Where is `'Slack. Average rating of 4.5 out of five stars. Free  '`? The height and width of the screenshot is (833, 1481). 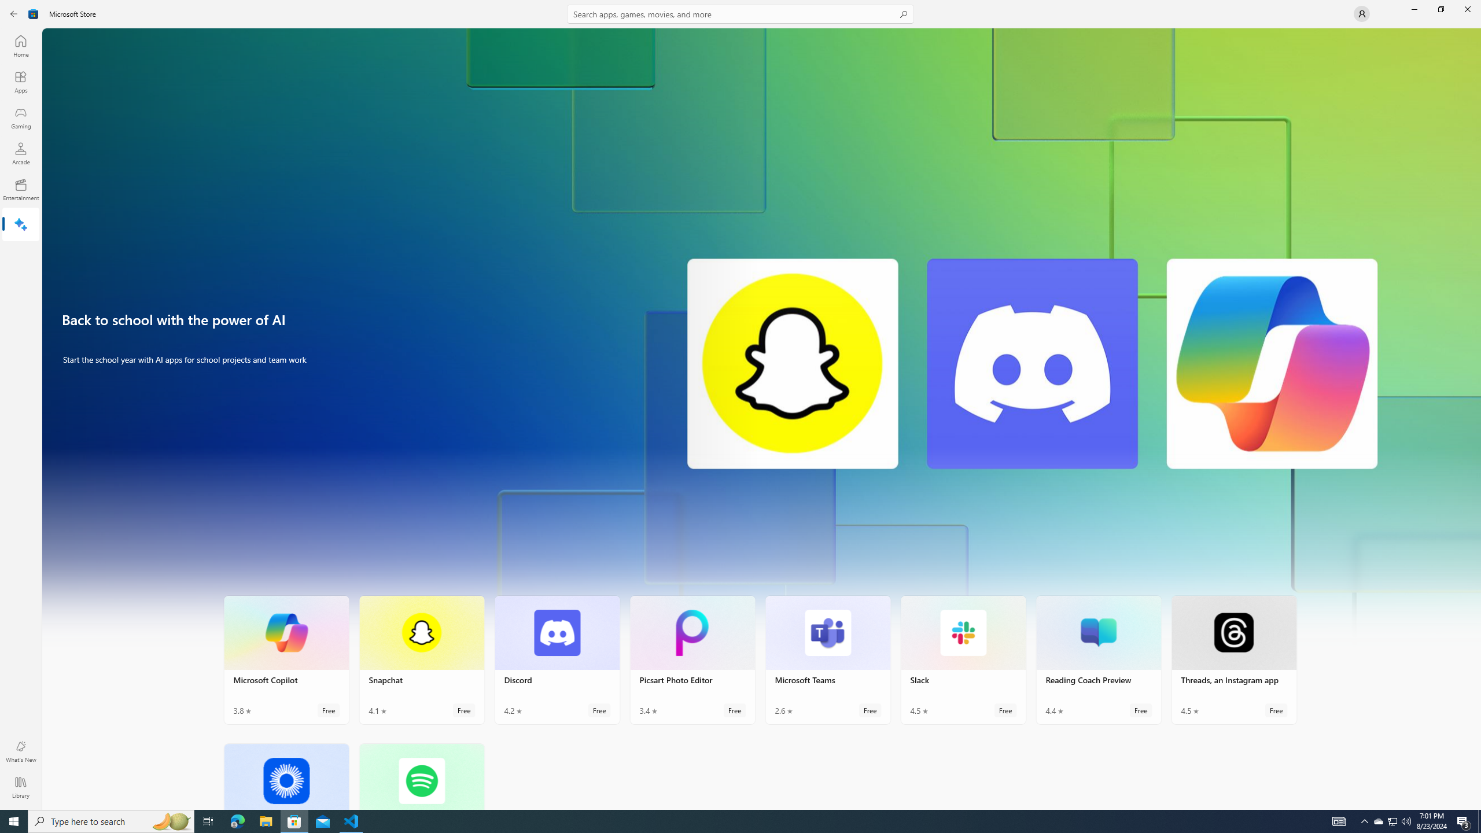 'Slack. Average rating of 4.5 out of five stars. Free  ' is located at coordinates (963, 660).